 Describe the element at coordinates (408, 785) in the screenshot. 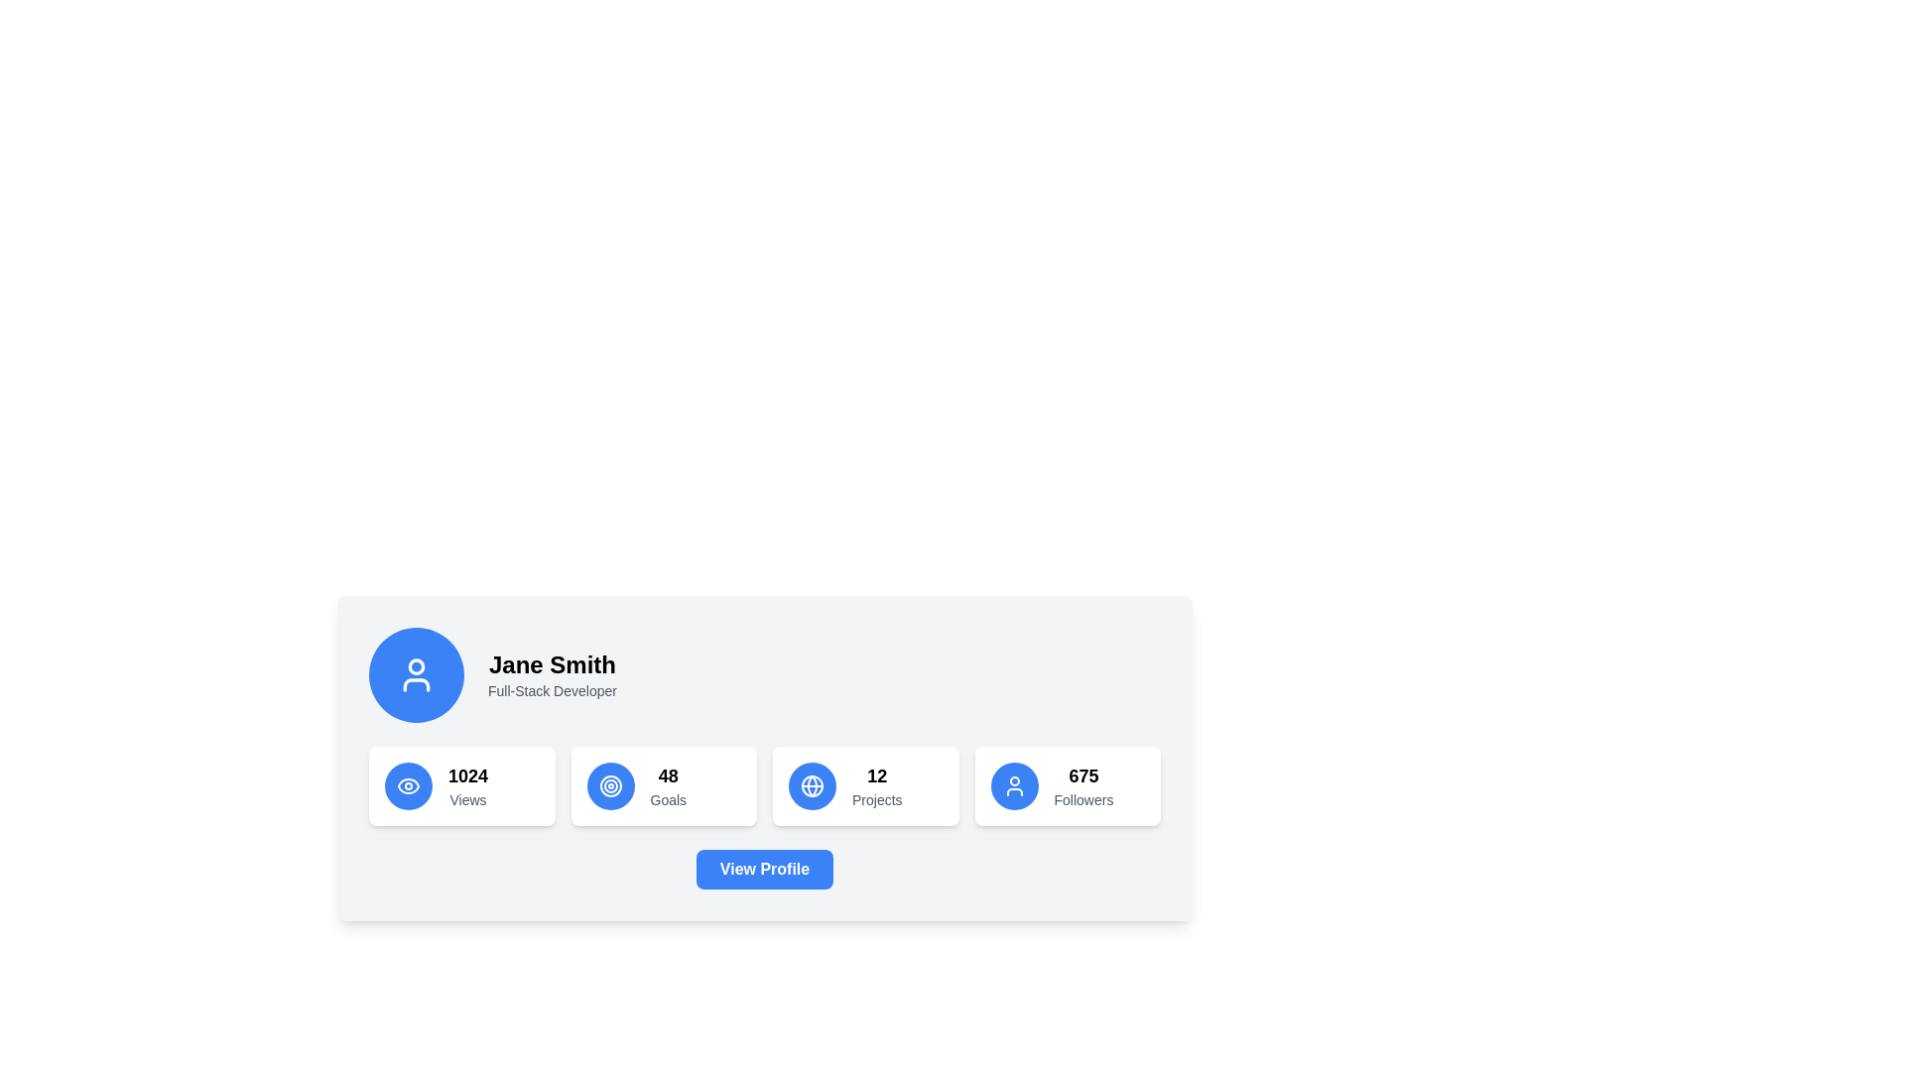

I see `the views indicator icon located in the top-left portion of the user statistics section, adjacent to the text '1024 Views'` at that location.